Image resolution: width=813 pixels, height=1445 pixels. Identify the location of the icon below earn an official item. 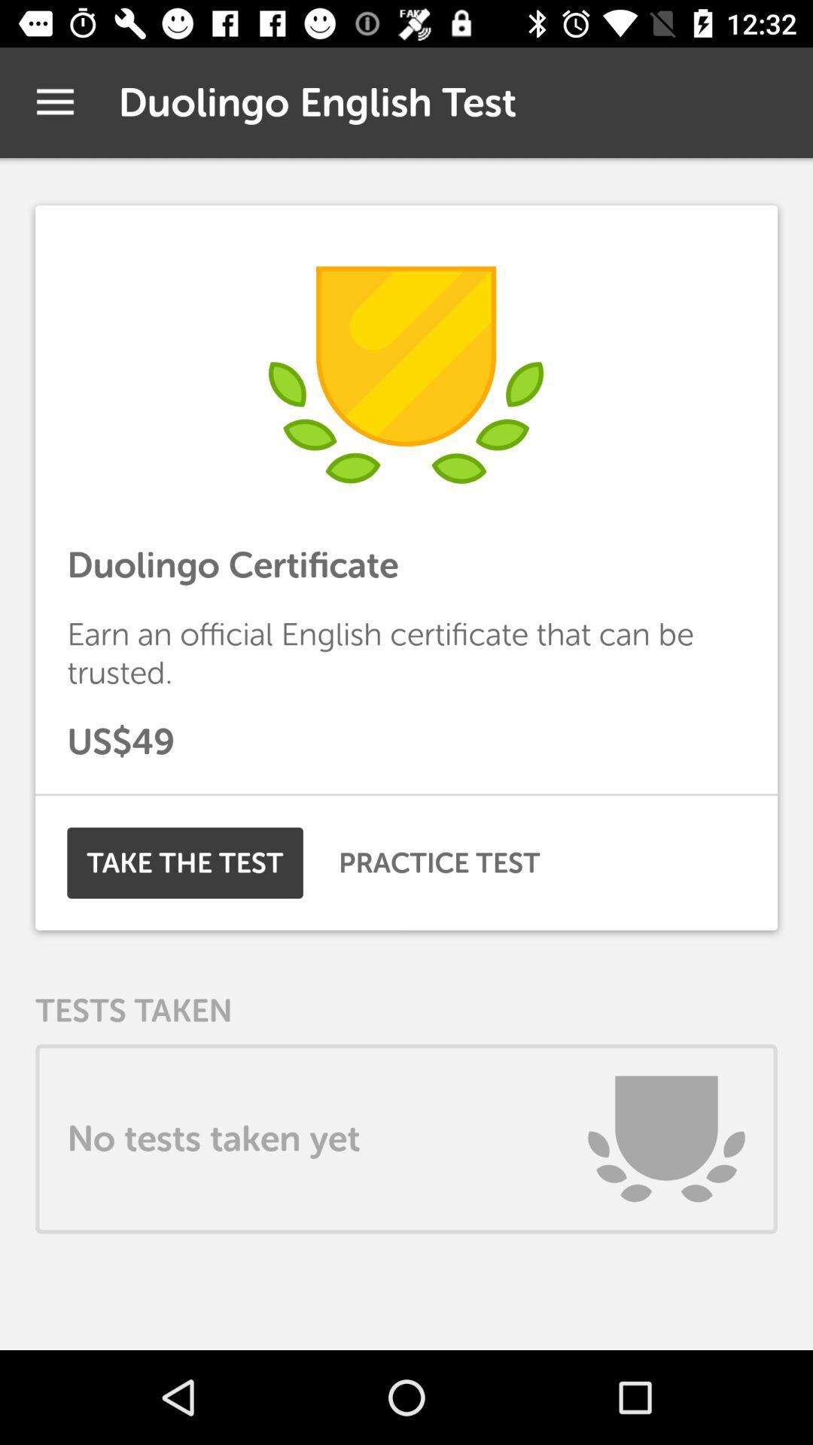
(406, 741).